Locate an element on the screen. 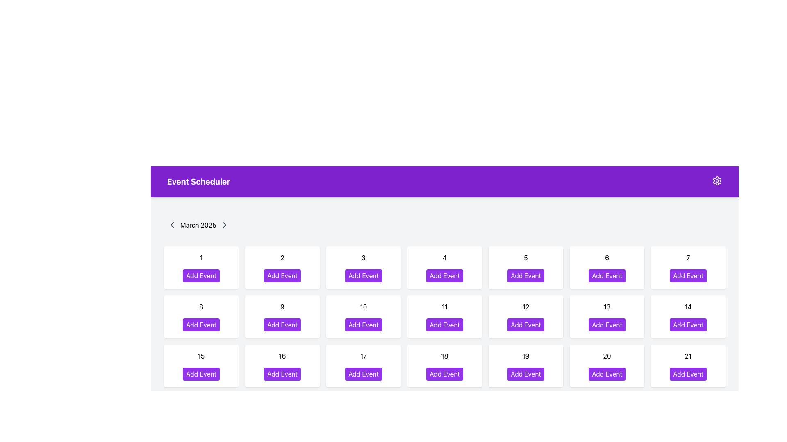 This screenshot has width=787, height=442. the 'Add Event' button located in the calendar interface for the date '16' is located at coordinates (282, 423).